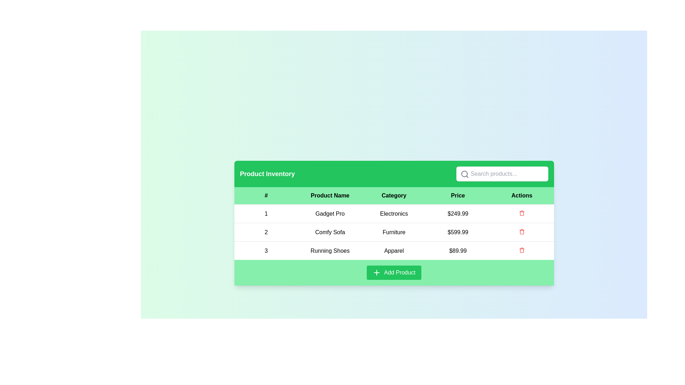 The image size is (685, 385). Describe the element at coordinates (266, 232) in the screenshot. I see `the static text label displaying the number '2', which is located in the first column of the second row of a product inventory table, styled with padding and border, and positioned next to 'Comfy Sofa' and '$599.99'` at that location.